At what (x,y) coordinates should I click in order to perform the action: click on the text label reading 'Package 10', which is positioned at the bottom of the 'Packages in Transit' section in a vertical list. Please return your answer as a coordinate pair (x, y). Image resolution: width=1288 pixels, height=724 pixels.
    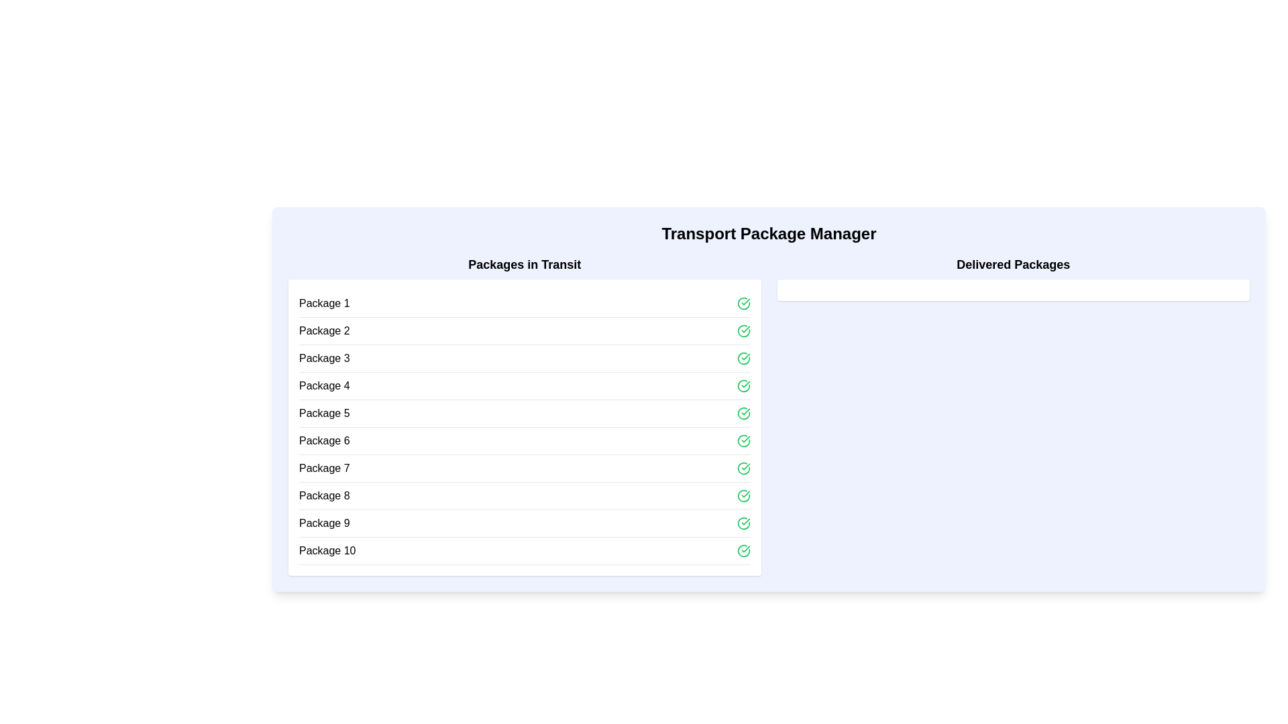
    Looking at the image, I should click on (327, 550).